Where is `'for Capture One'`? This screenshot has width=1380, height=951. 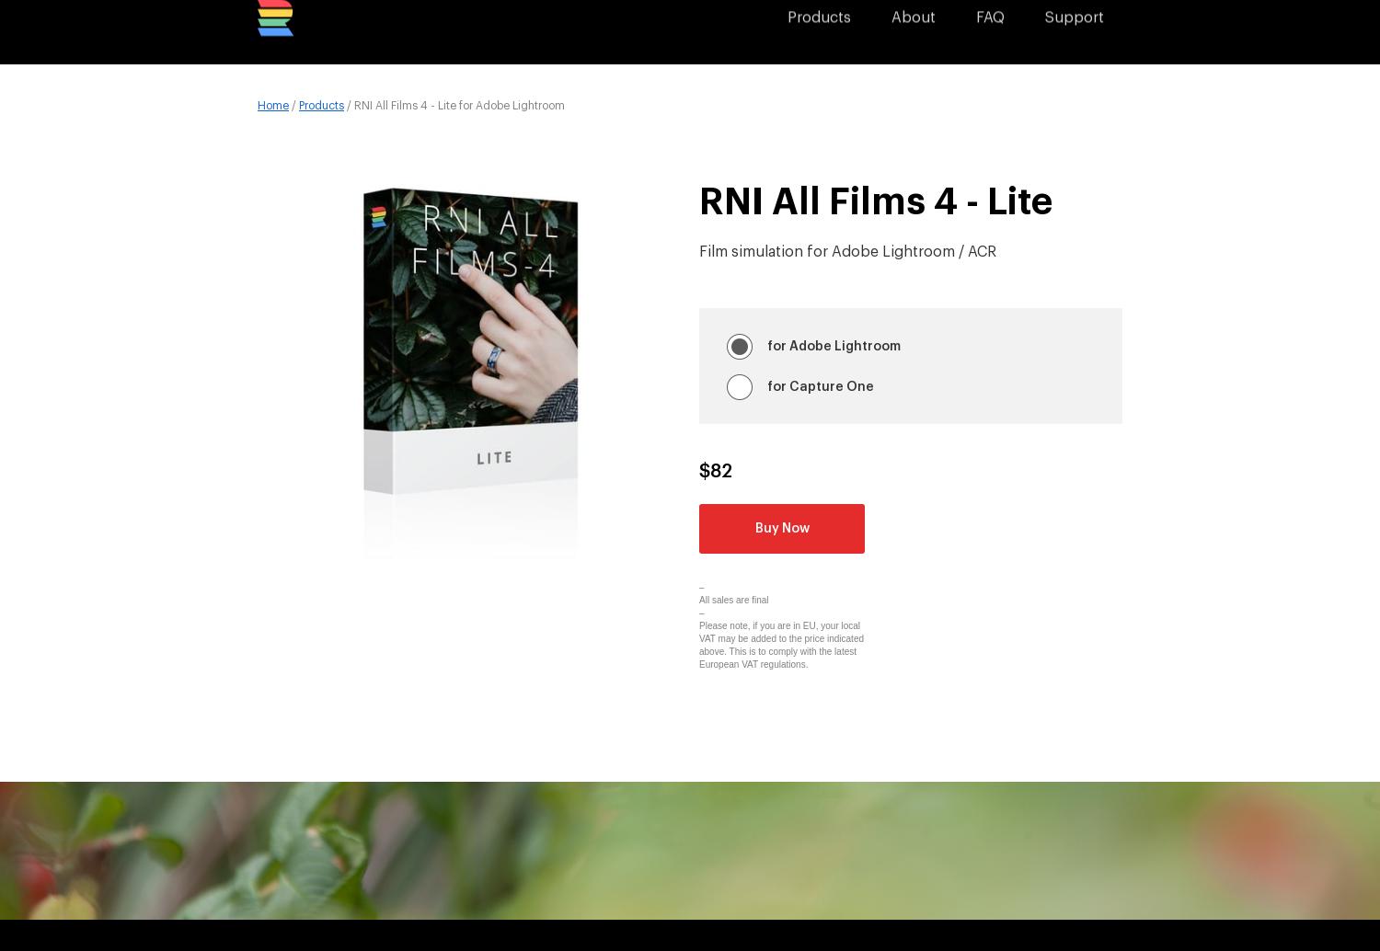
'for Capture One' is located at coordinates (821, 386).